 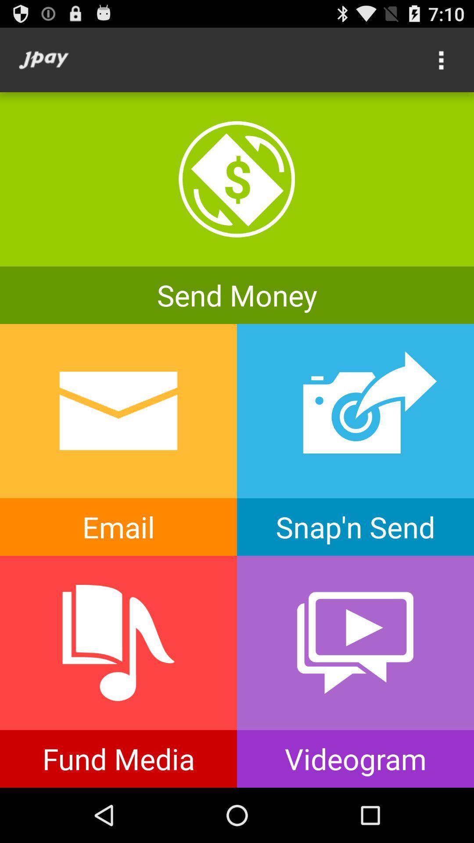 What do you see at coordinates (442, 59) in the screenshot?
I see `item at the top right corner` at bounding box center [442, 59].